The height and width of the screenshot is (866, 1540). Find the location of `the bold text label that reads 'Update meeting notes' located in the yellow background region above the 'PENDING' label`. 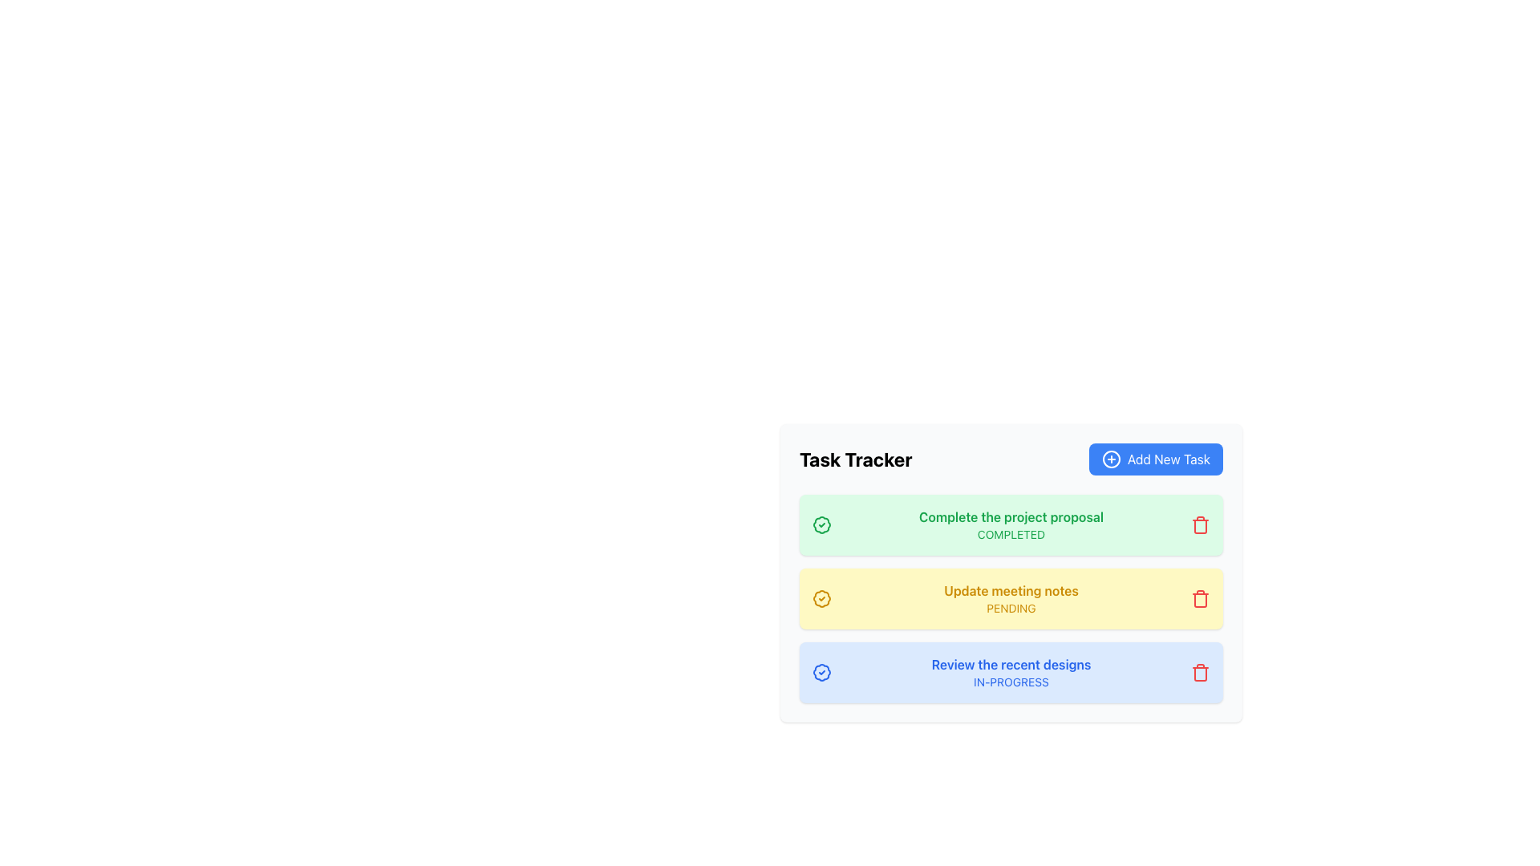

the bold text label that reads 'Update meeting notes' located in the yellow background region above the 'PENDING' label is located at coordinates (1011, 590).